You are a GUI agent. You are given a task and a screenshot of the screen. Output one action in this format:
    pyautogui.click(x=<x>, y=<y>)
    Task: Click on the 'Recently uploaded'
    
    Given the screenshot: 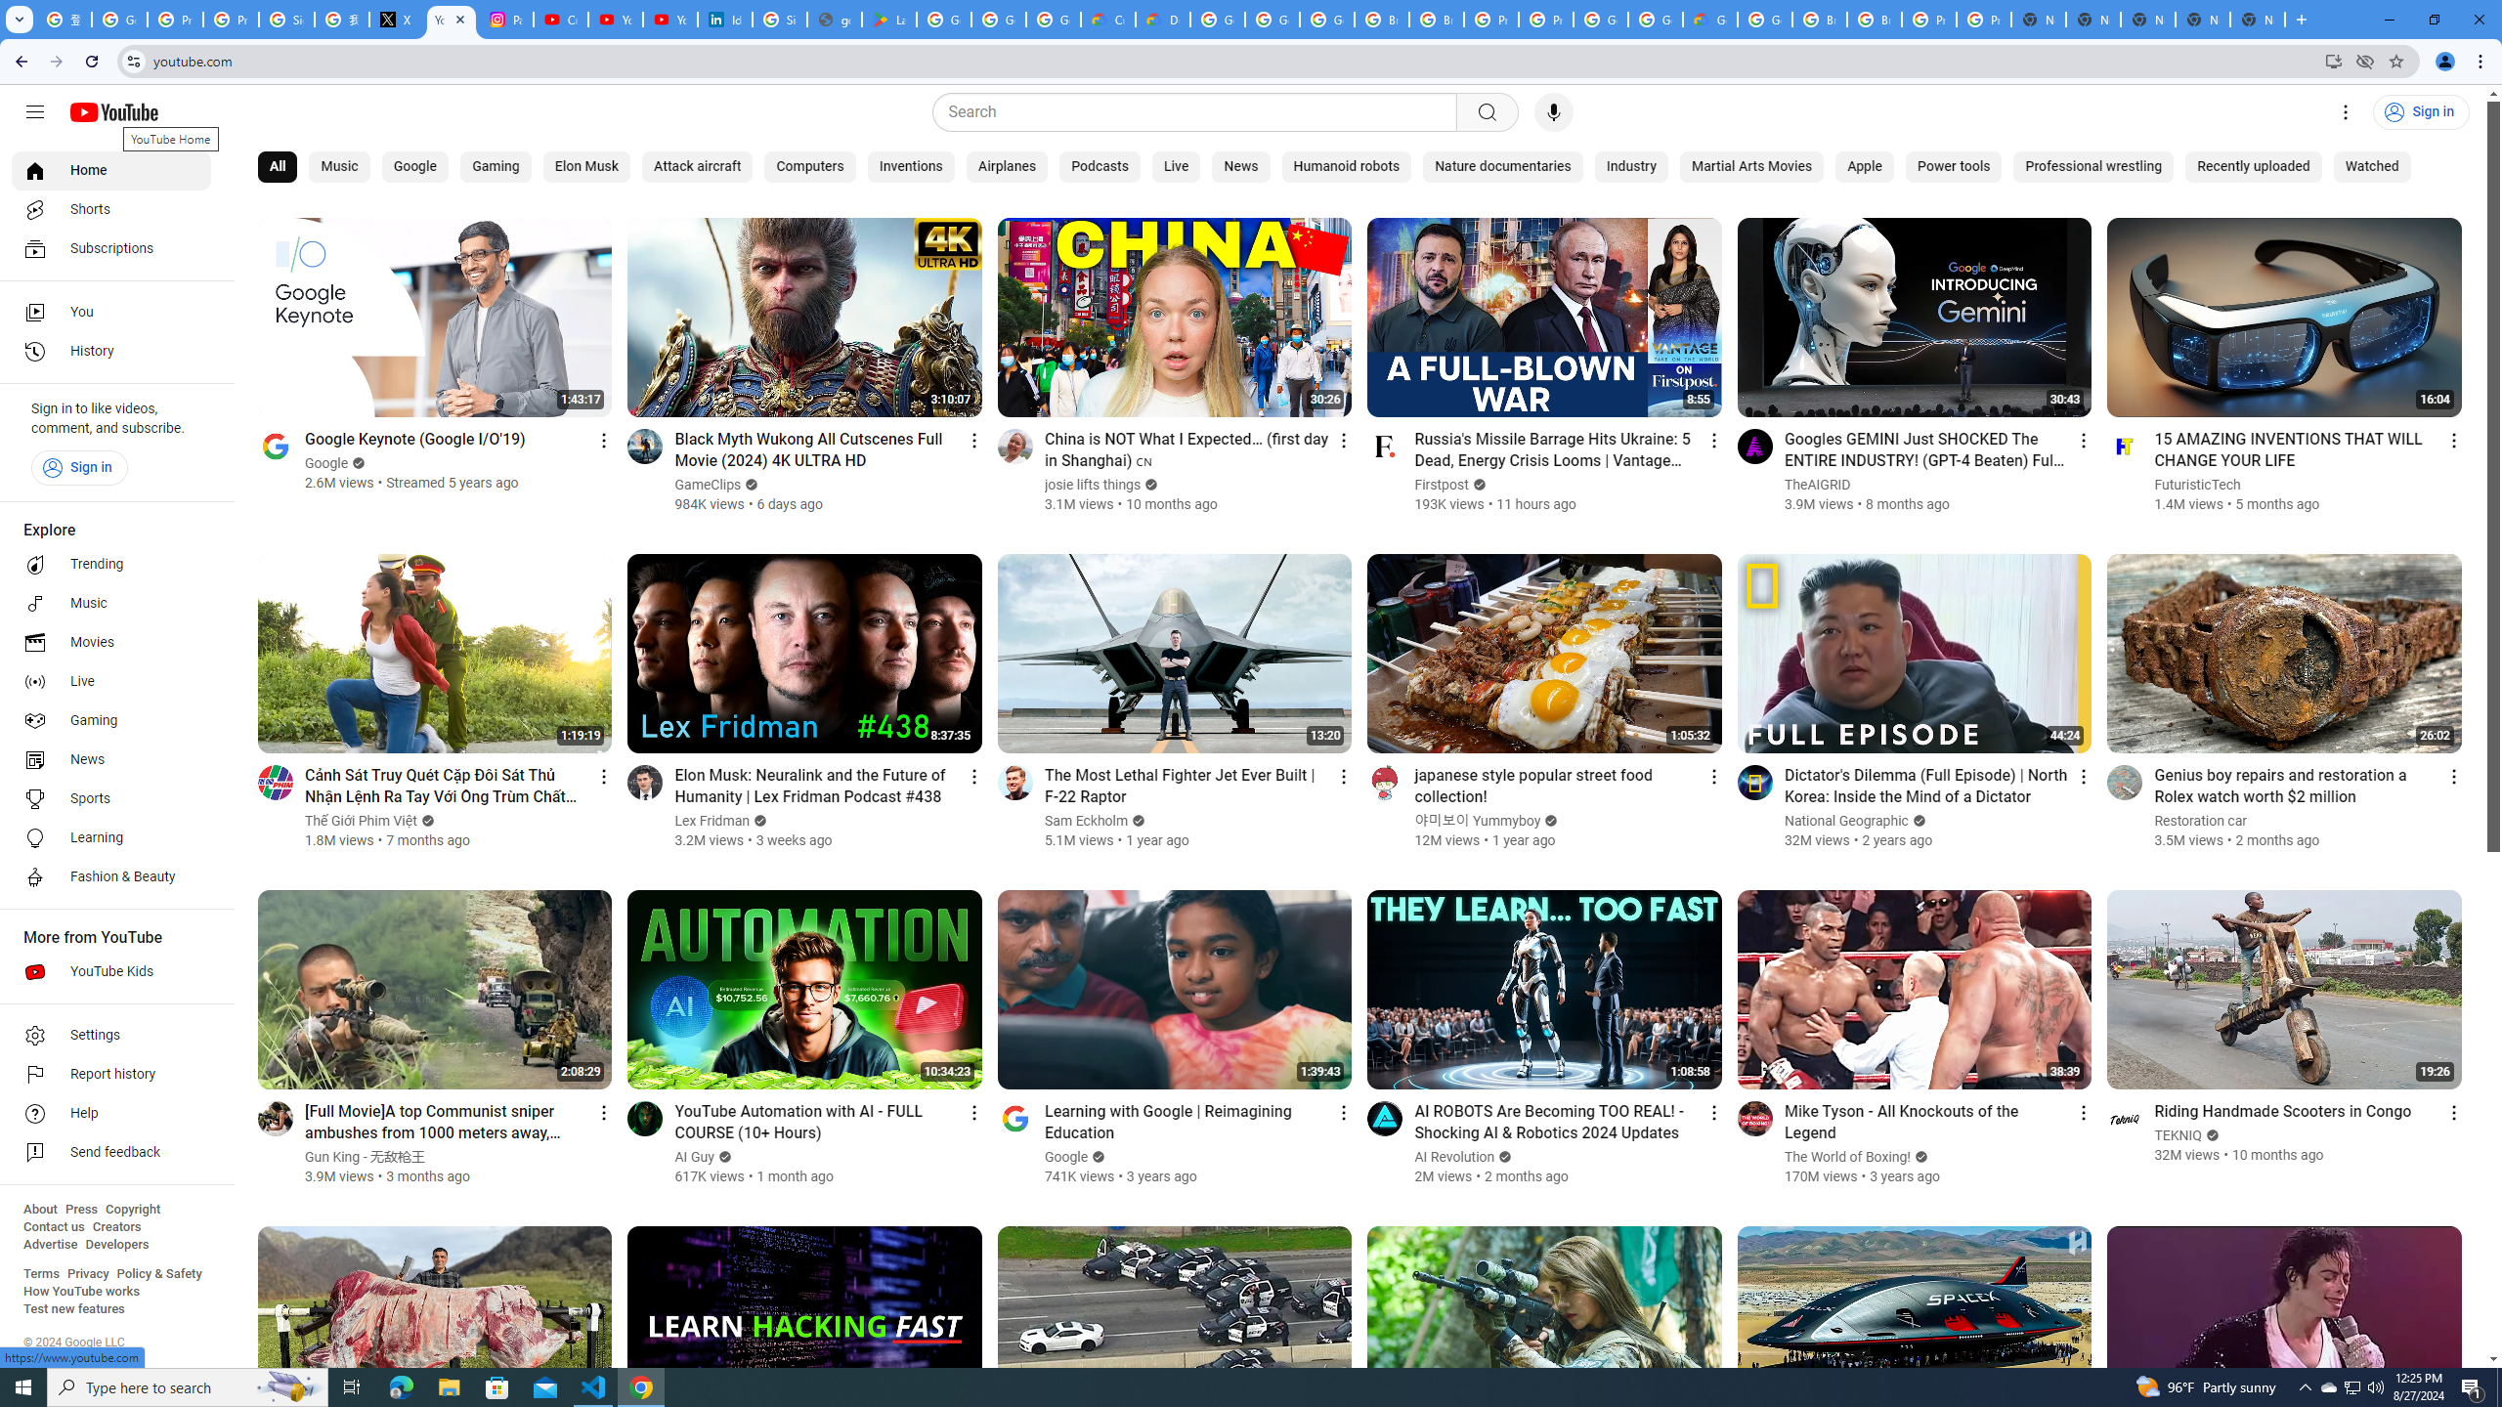 What is the action you would take?
    pyautogui.click(x=2252, y=167)
    